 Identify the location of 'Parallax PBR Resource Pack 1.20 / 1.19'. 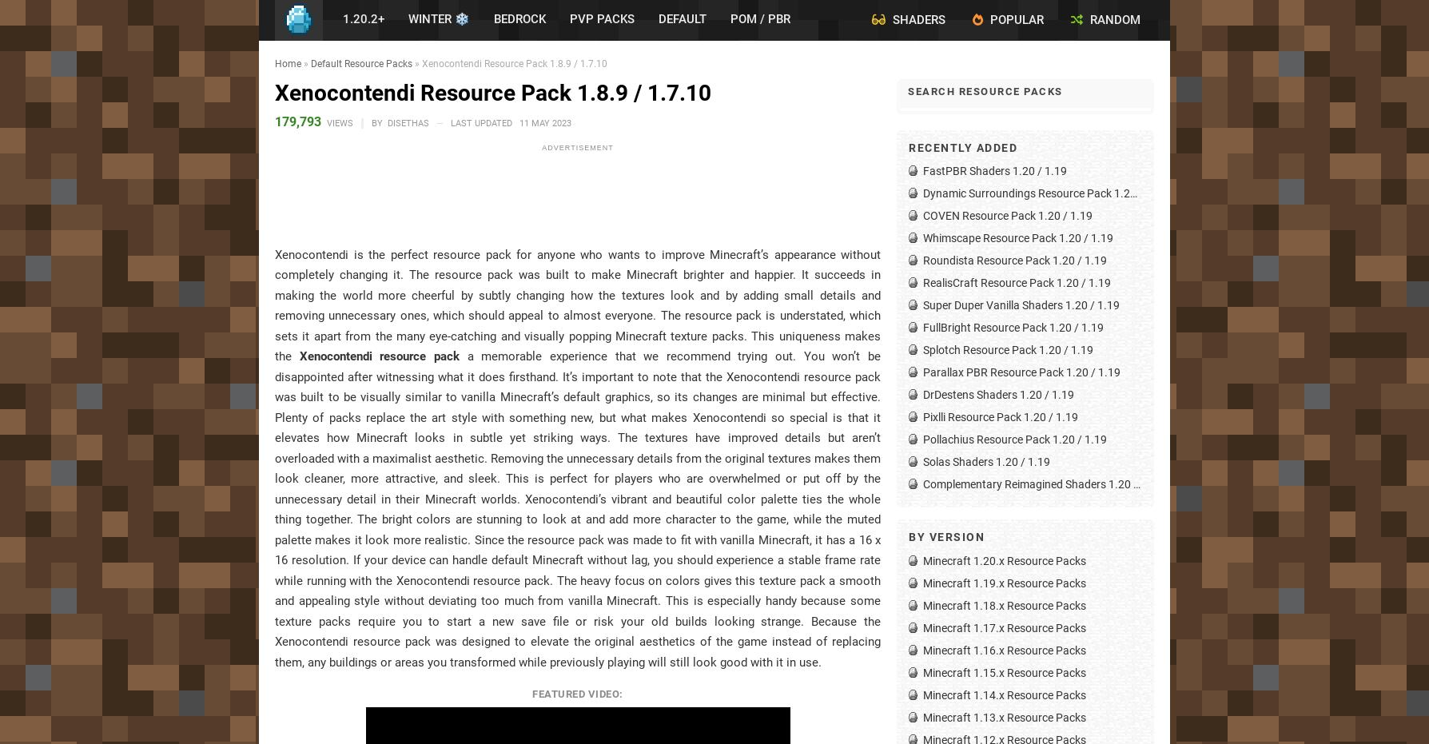
(1021, 371).